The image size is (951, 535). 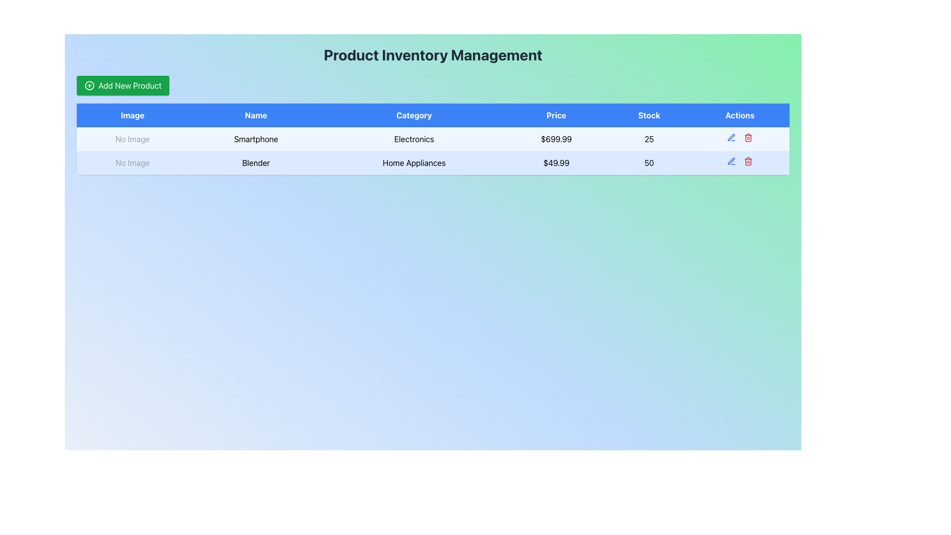 What do you see at coordinates (433, 139) in the screenshot?
I see `the first-entry row of the 'Product Inventory Management' table, which contains details for 'Smartphone'` at bounding box center [433, 139].